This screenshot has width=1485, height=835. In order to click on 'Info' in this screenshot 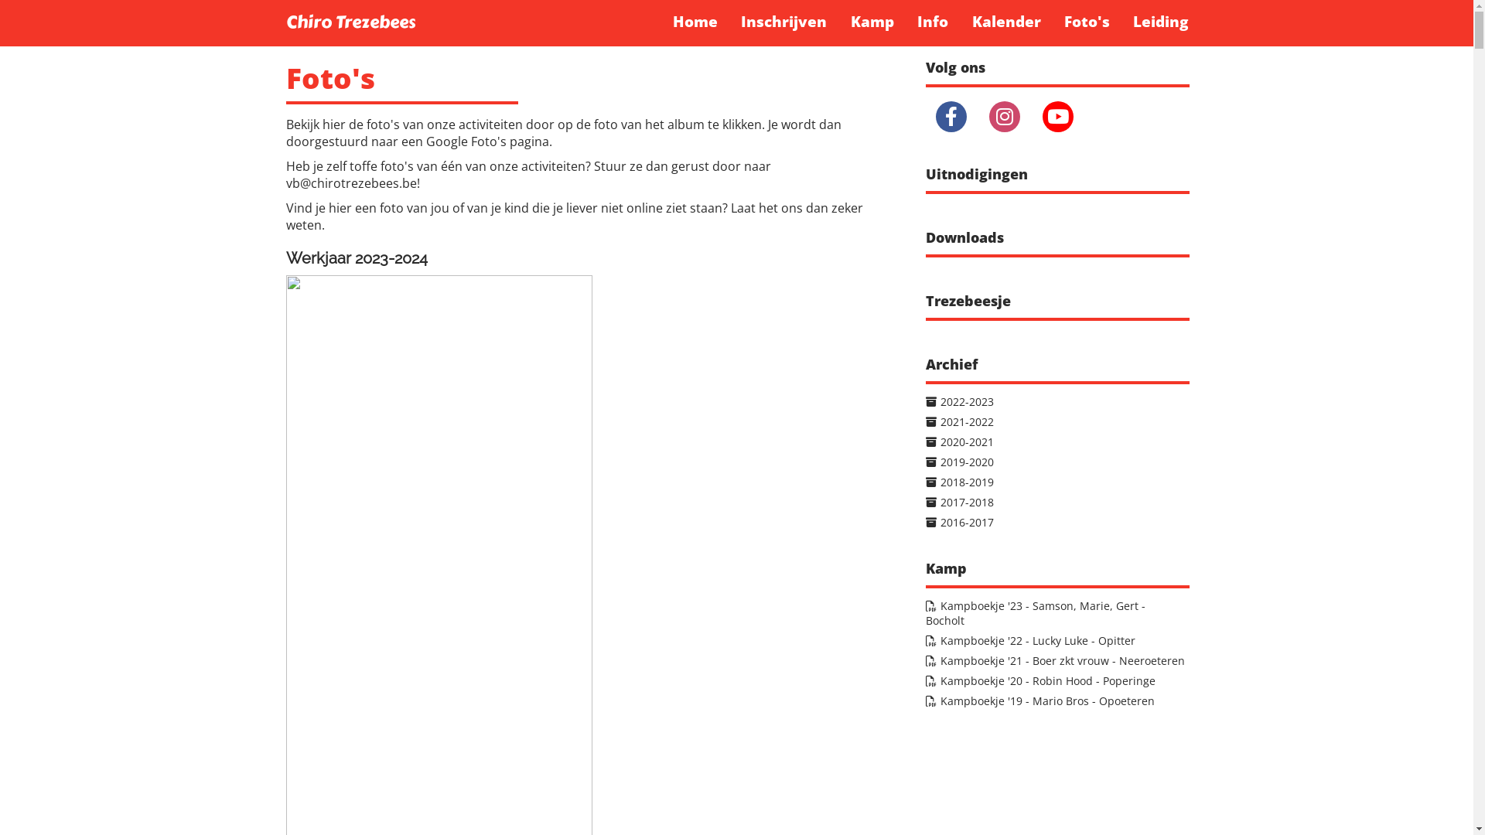, I will do `click(906, 21)`.